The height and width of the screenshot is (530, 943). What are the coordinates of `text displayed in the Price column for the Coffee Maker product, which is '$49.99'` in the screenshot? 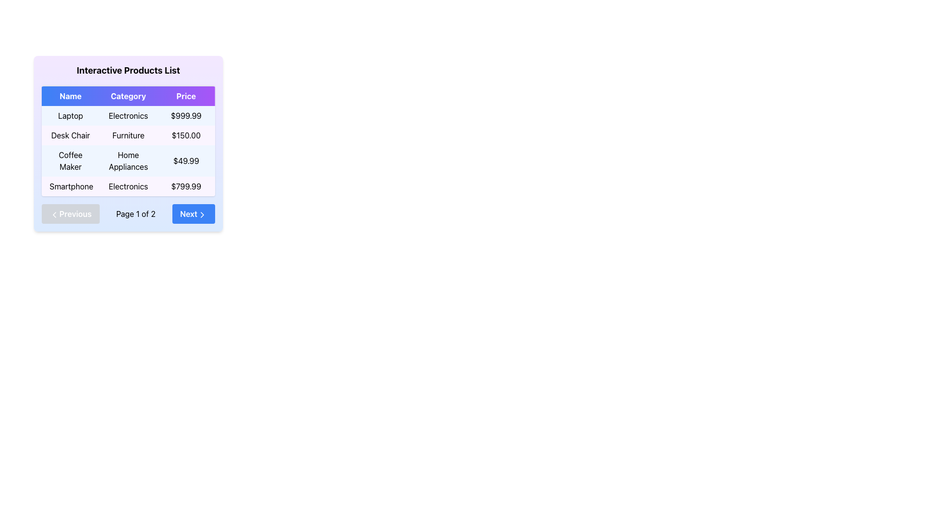 It's located at (186, 160).